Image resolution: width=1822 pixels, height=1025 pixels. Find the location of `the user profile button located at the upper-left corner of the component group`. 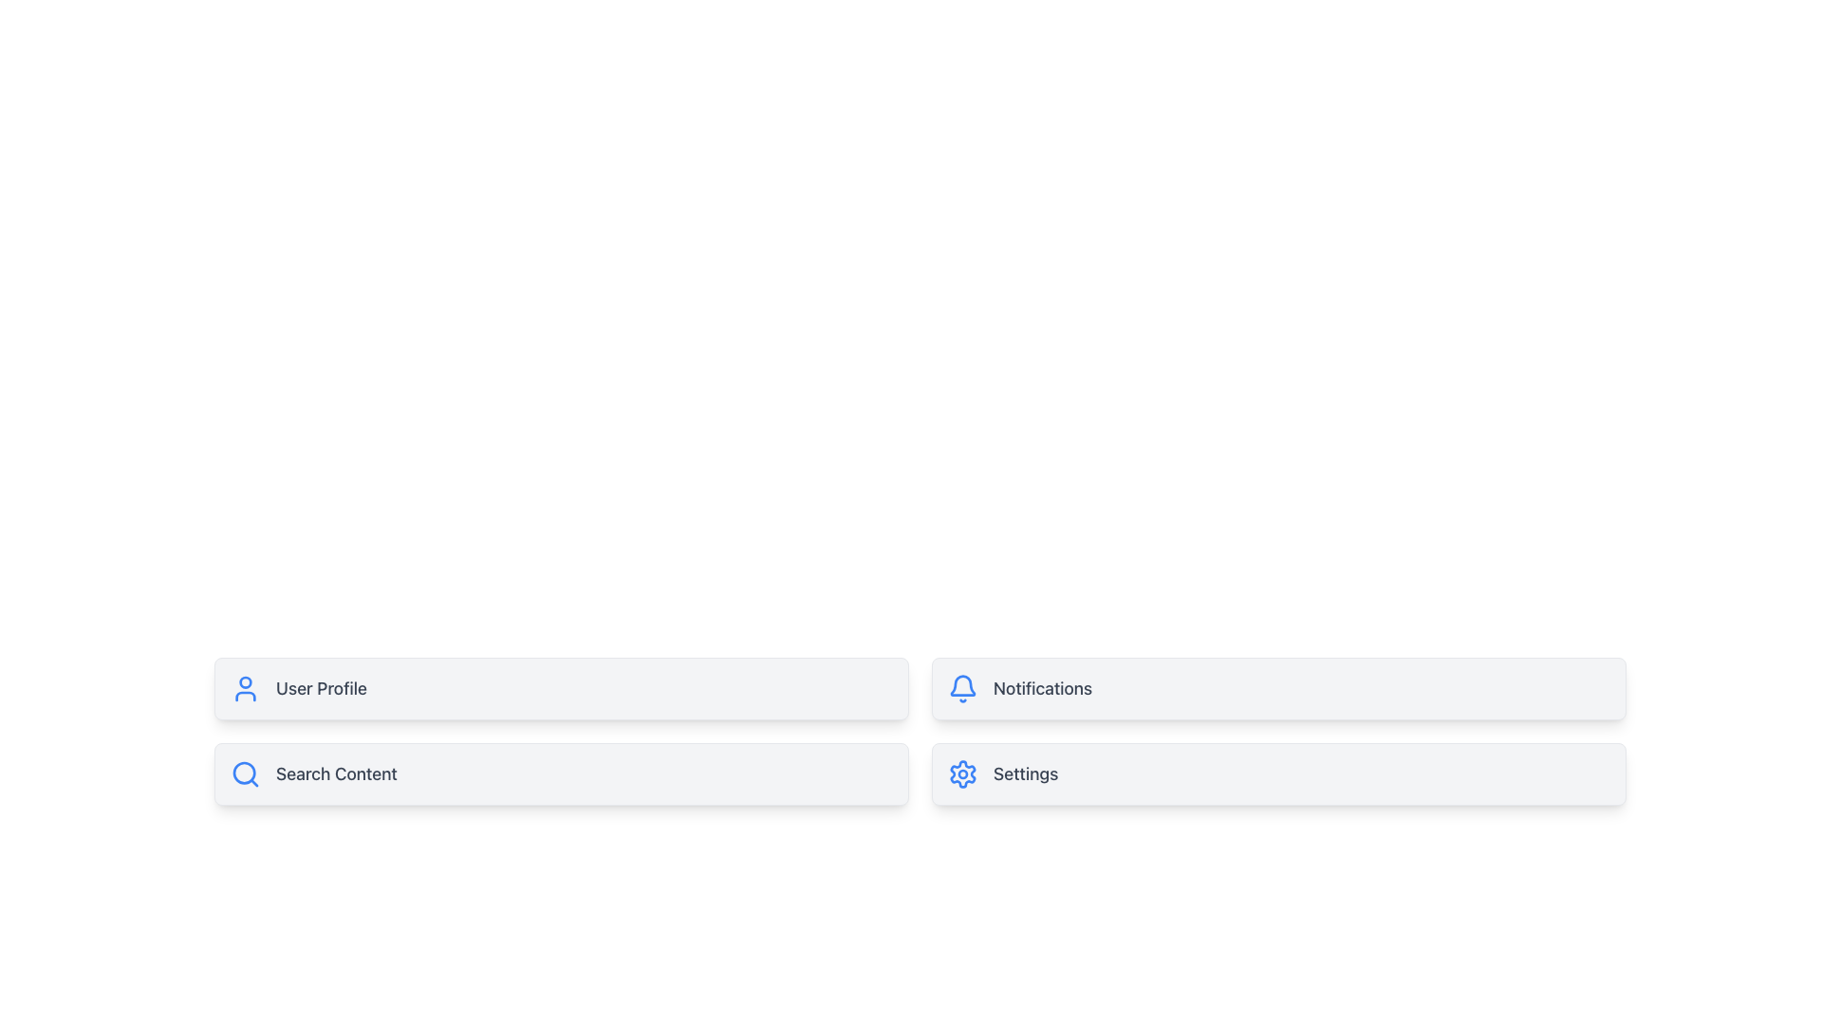

the user profile button located at the upper-left corner of the component group is located at coordinates (560, 688).